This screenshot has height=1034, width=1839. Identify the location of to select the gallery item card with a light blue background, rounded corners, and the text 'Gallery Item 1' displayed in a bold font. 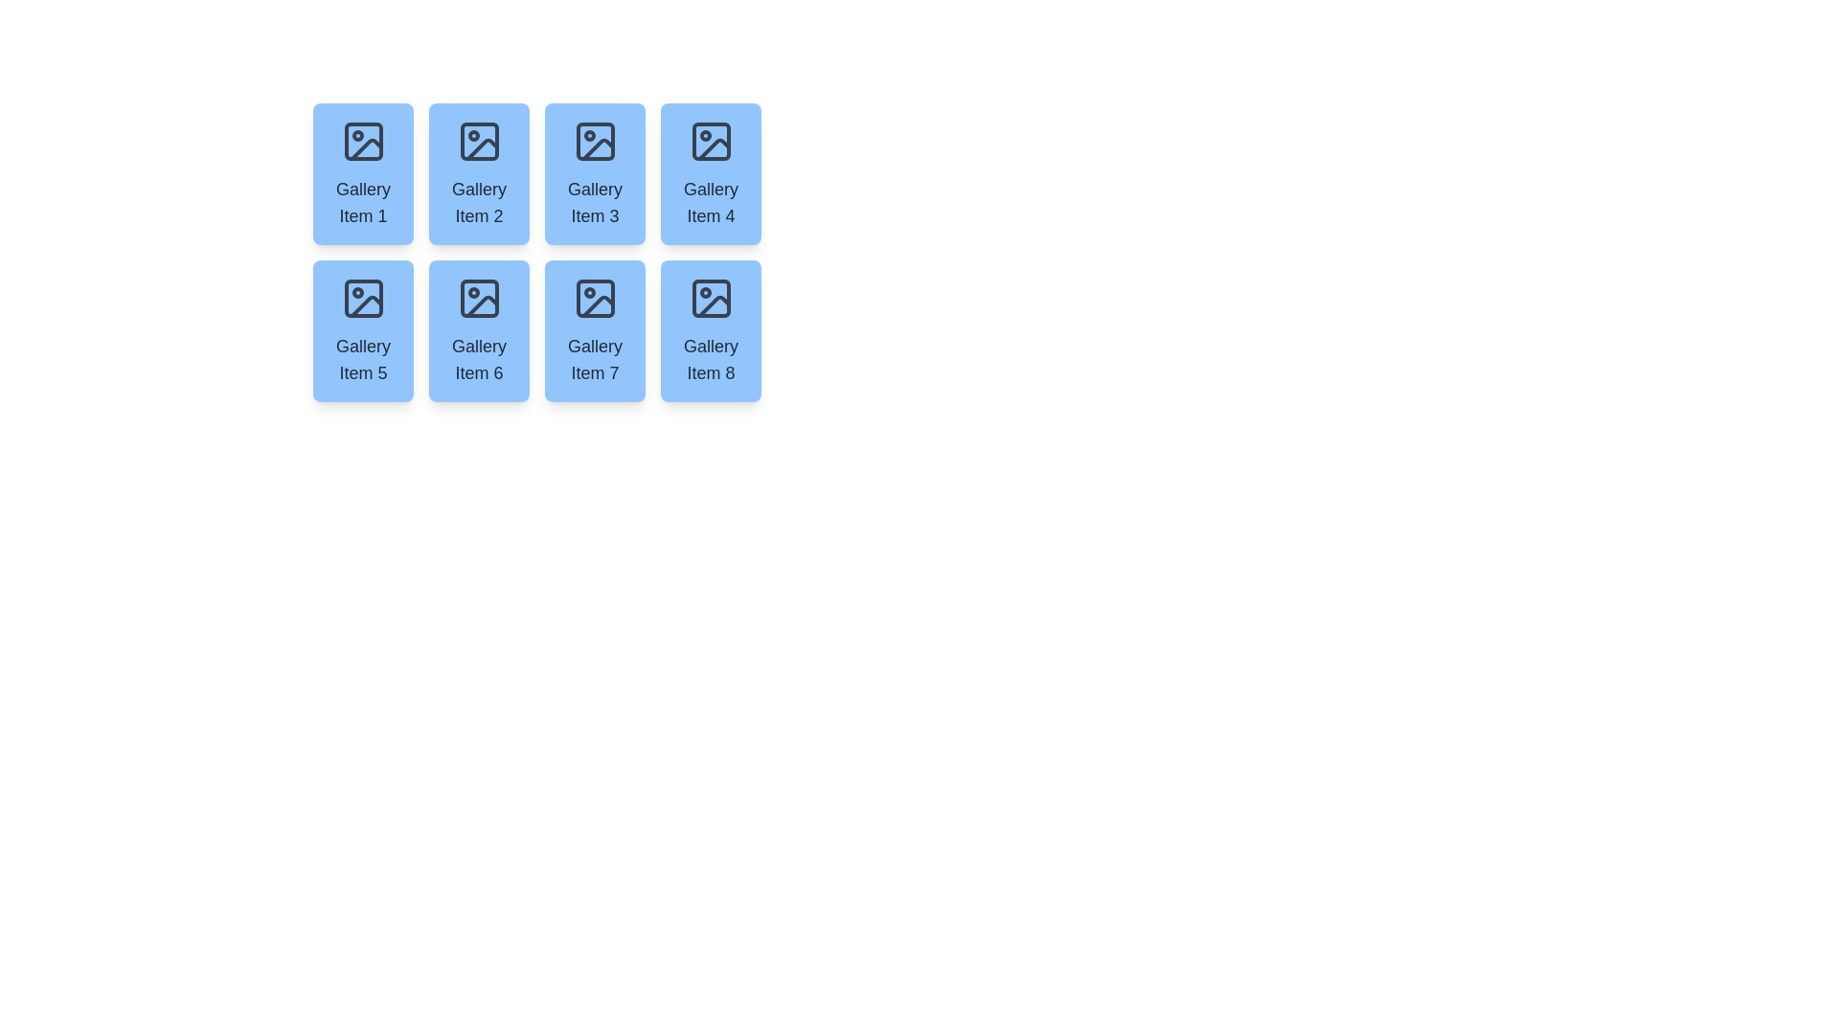
(363, 173).